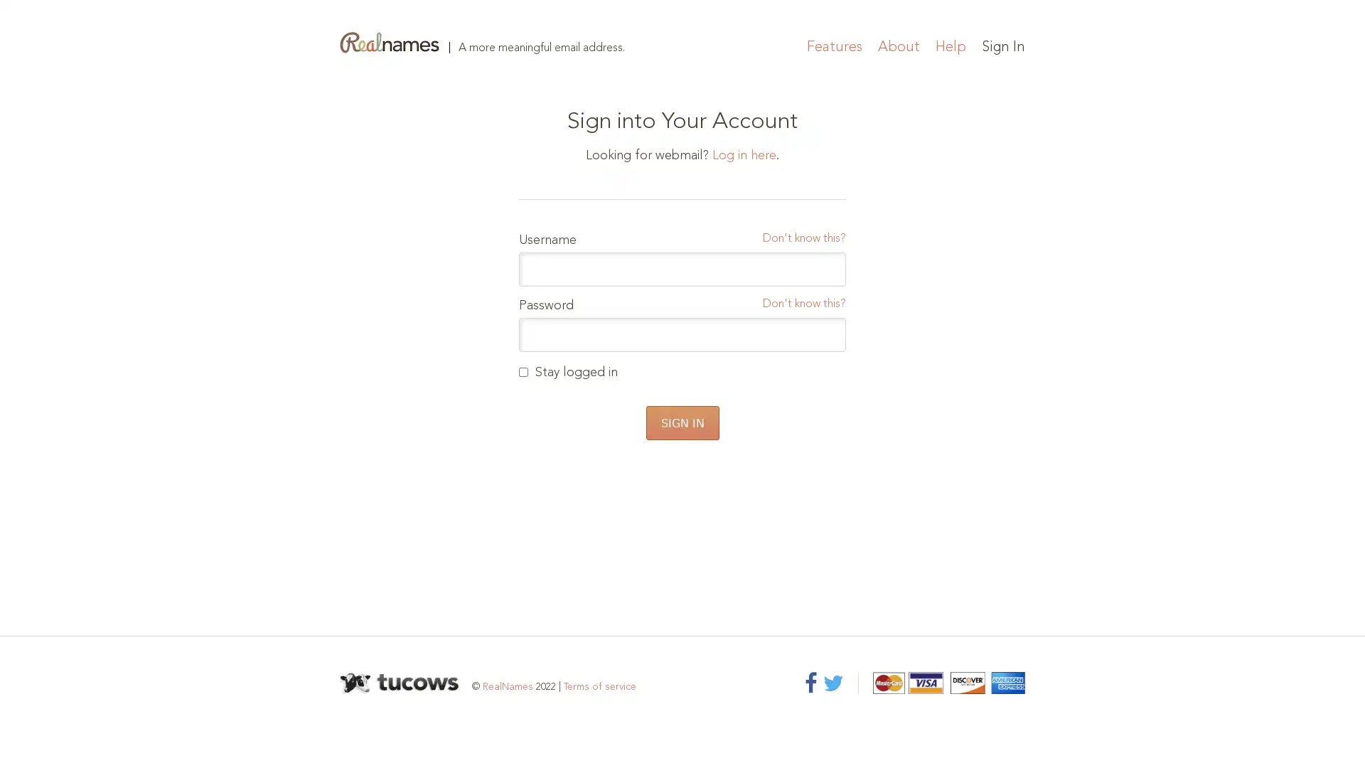 This screenshot has height=768, width=1365. I want to click on SIGN IN, so click(681, 422).